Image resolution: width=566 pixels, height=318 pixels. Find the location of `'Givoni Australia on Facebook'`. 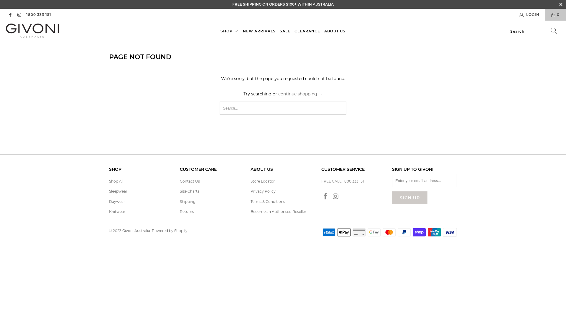

'Givoni Australia on Facebook' is located at coordinates (325, 196).